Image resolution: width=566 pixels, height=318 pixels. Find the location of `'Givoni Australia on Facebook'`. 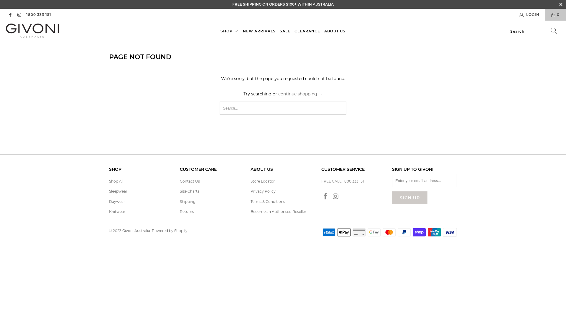

'Givoni Australia on Facebook' is located at coordinates (325, 196).